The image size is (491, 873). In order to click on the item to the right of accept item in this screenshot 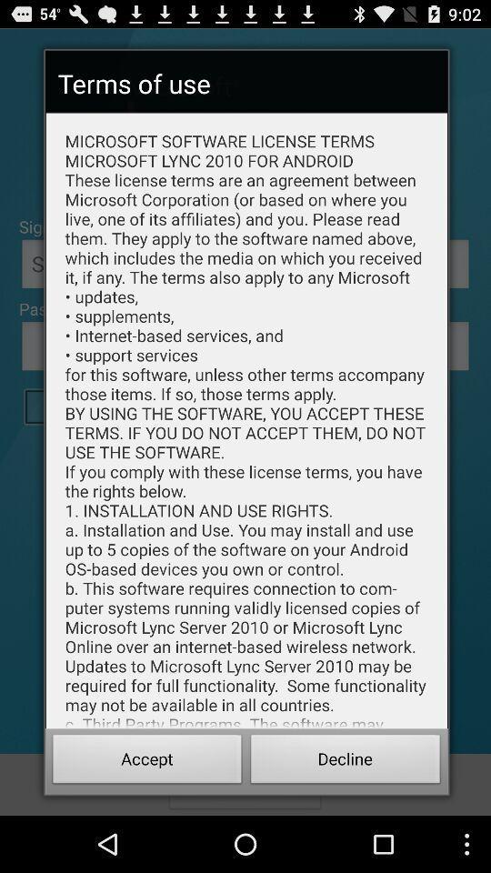, I will do `click(346, 761)`.